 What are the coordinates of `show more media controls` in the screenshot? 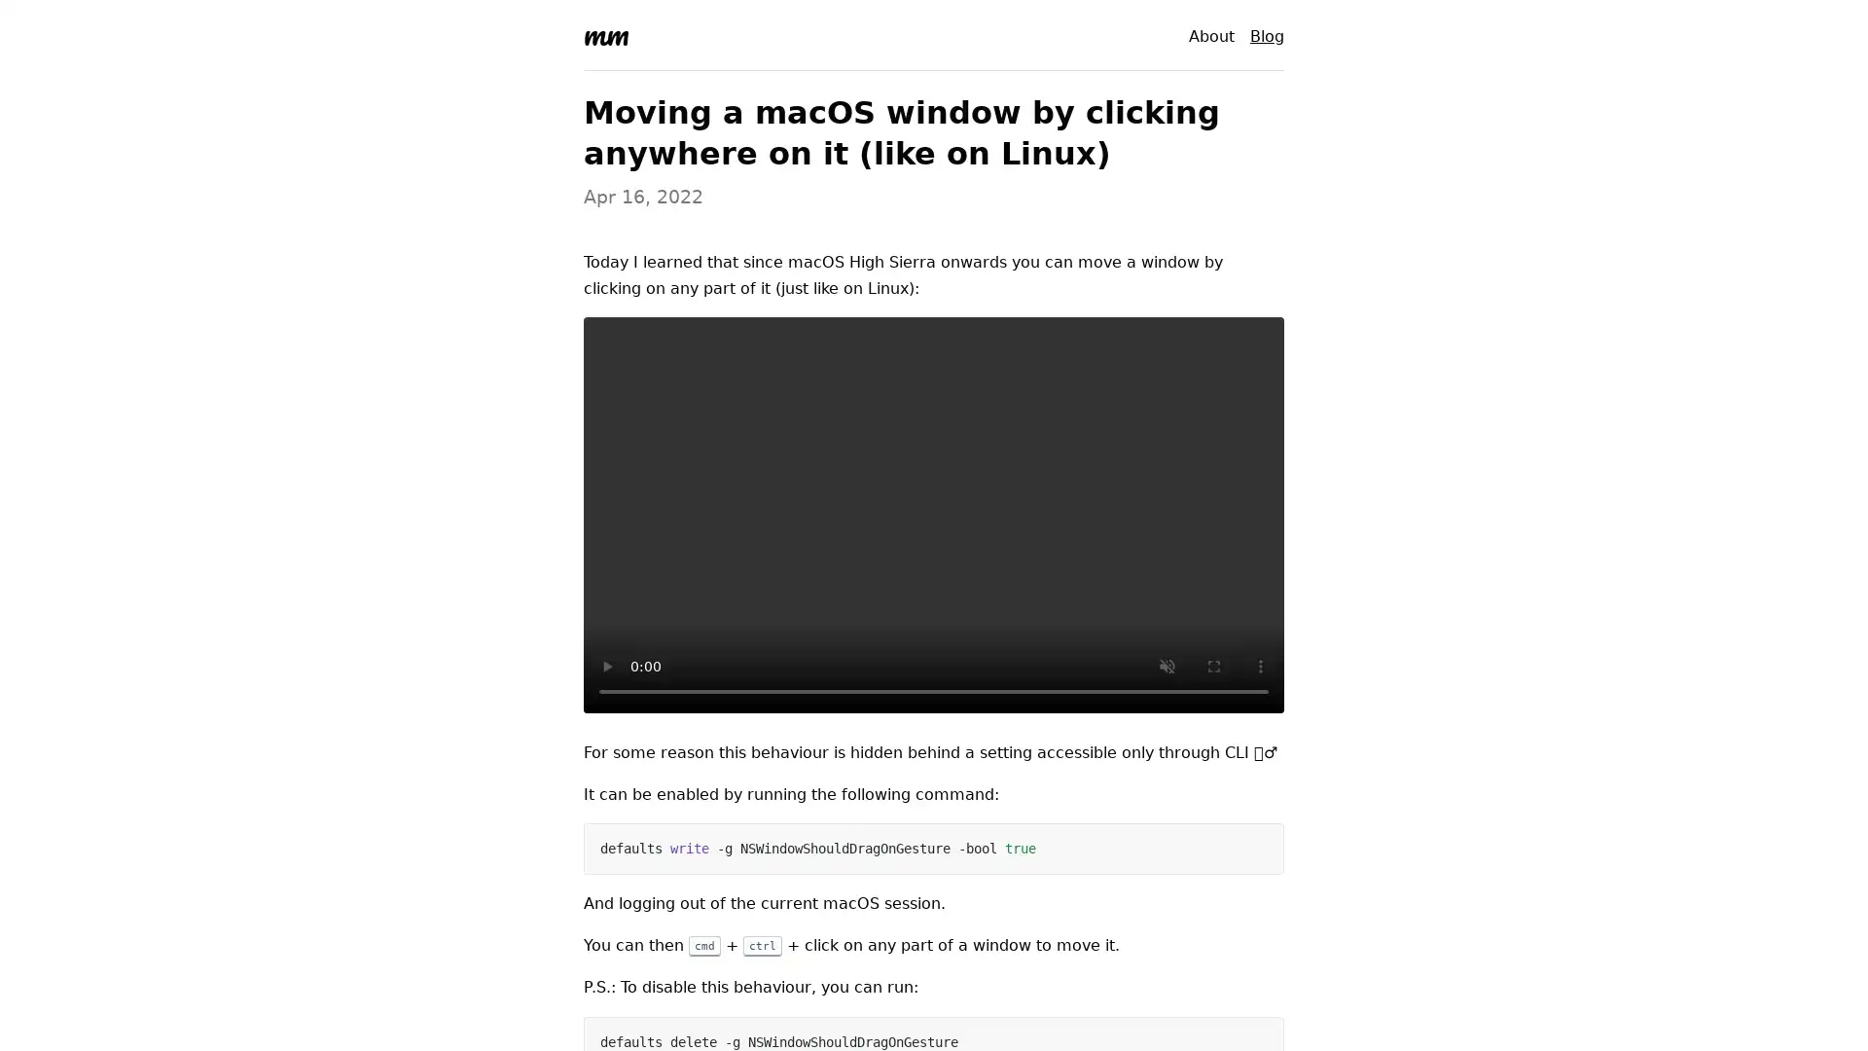 It's located at (1261, 666).